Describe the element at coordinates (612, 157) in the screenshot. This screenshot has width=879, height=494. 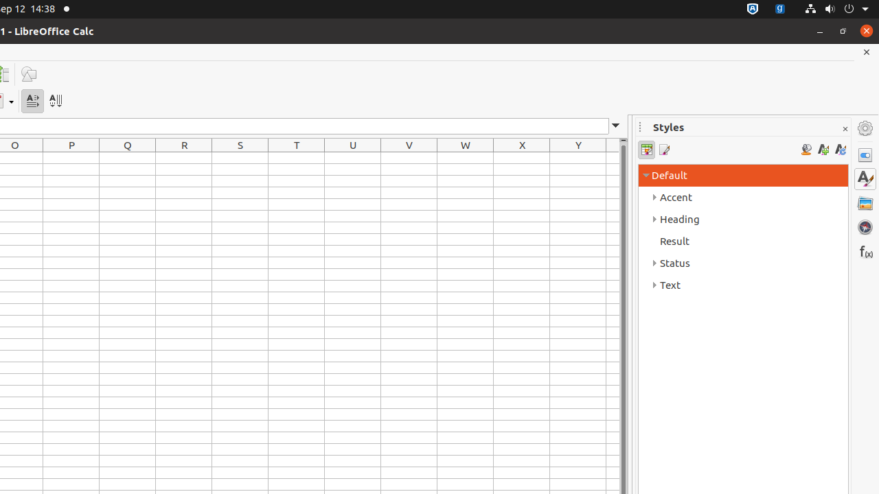
I see `'Z1'` at that location.